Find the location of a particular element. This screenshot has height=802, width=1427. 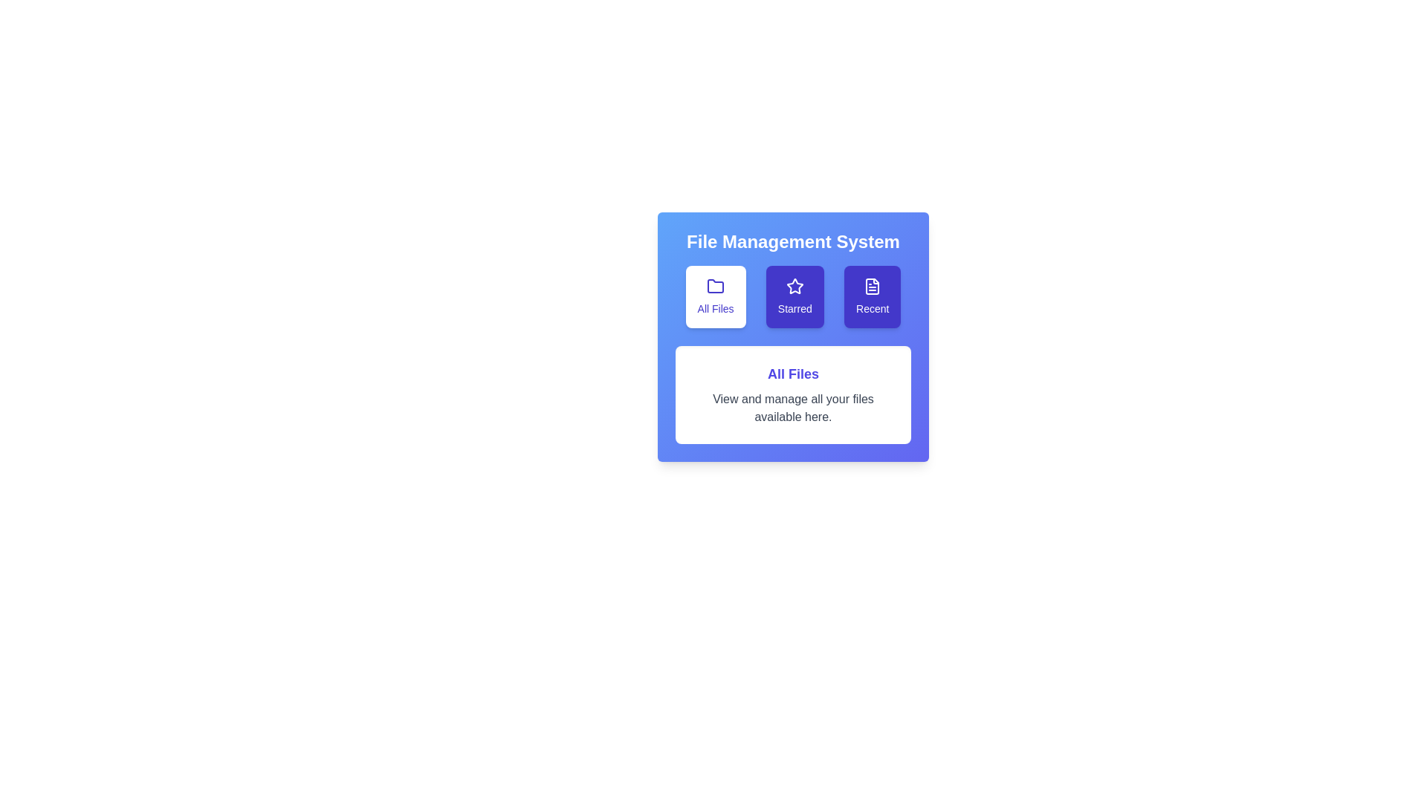

the Recent tab by clicking on its corresponding button is located at coordinates (873, 297).